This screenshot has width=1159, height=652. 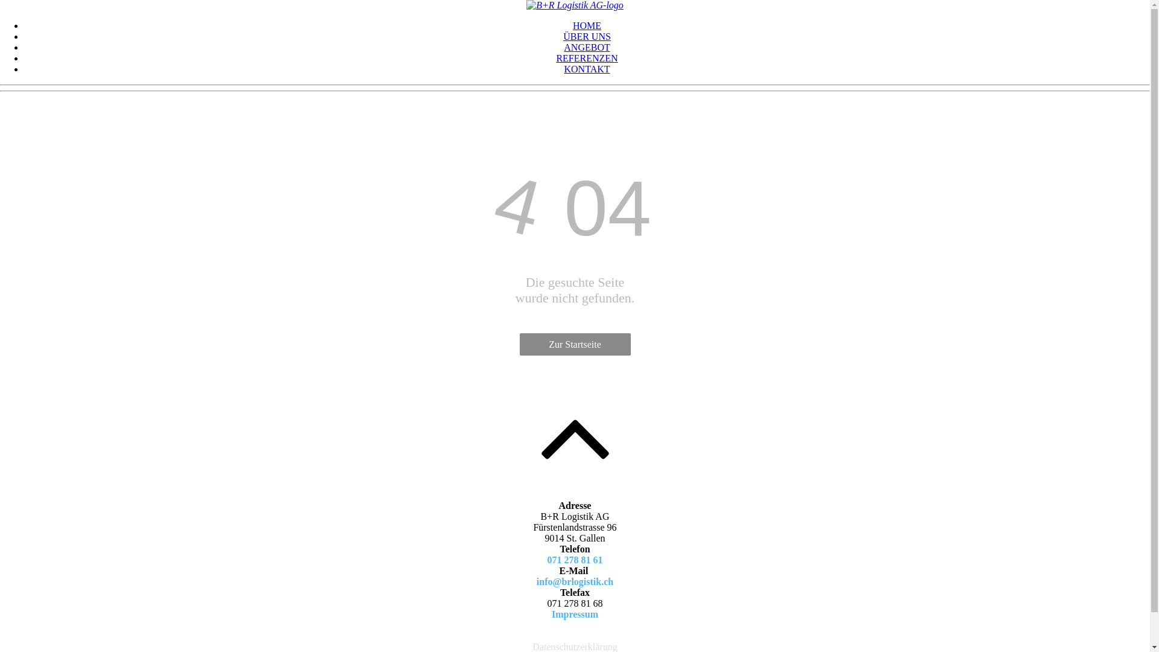 What do you see at coordinates (587, 25) in the screenshot?
I see `'HOME'` at bounding box center [587, 25].